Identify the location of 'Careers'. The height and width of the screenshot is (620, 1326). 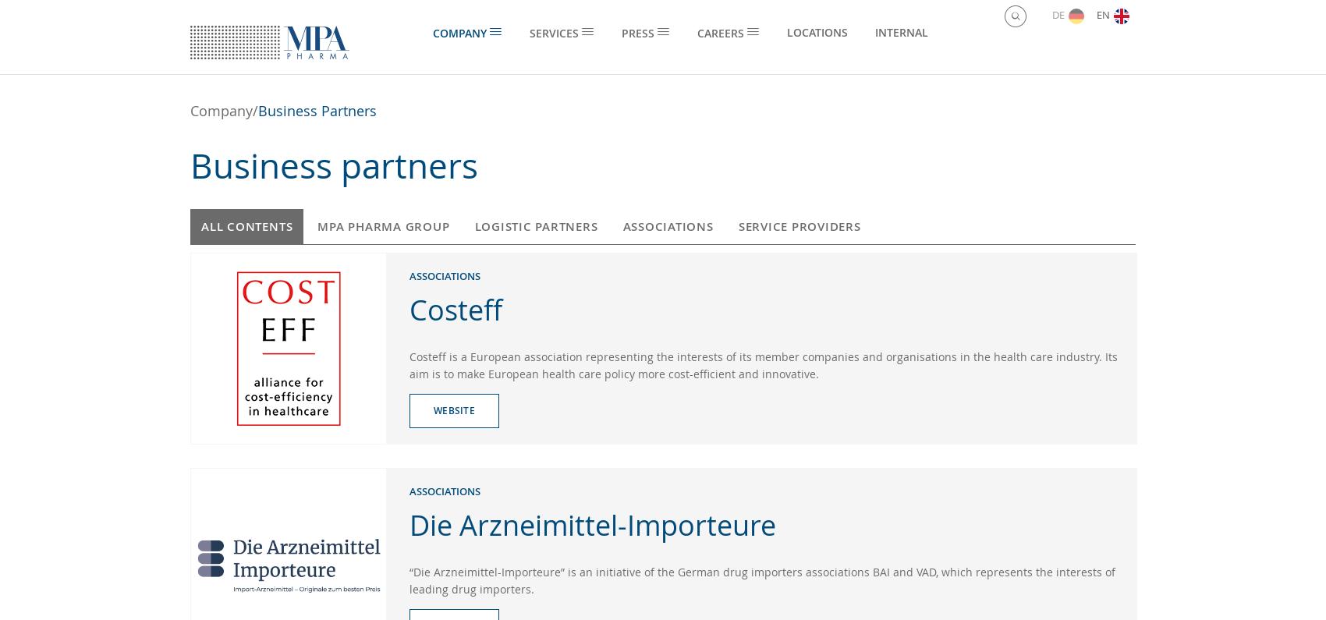
(697, 33).